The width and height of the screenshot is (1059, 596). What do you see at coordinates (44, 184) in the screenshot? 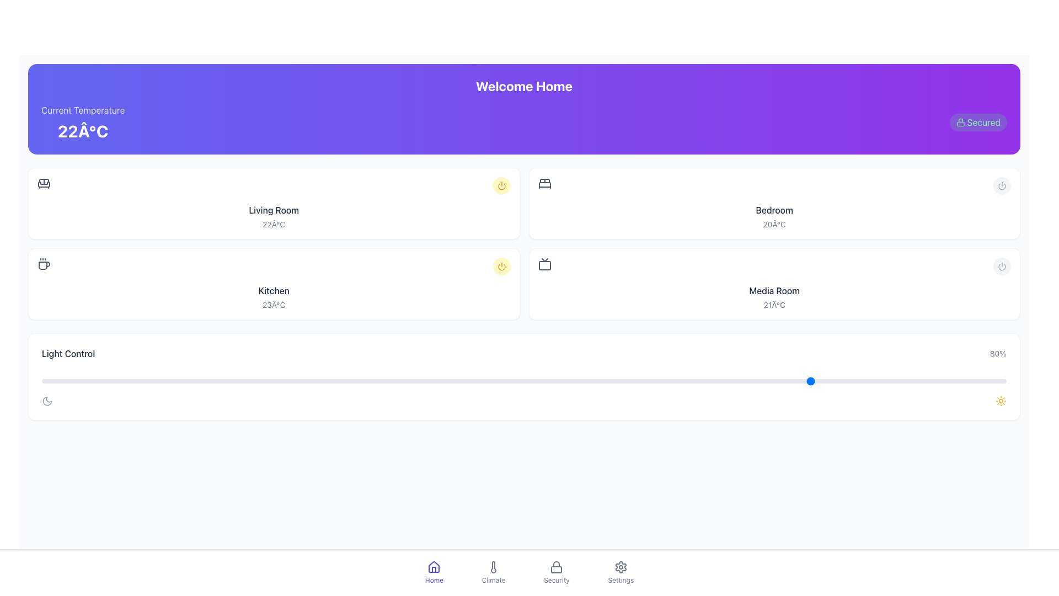
I see `the Living Room icon located in the top-left portion of the interface, which visually indicates the living room area` at bounding box center [44, 184].